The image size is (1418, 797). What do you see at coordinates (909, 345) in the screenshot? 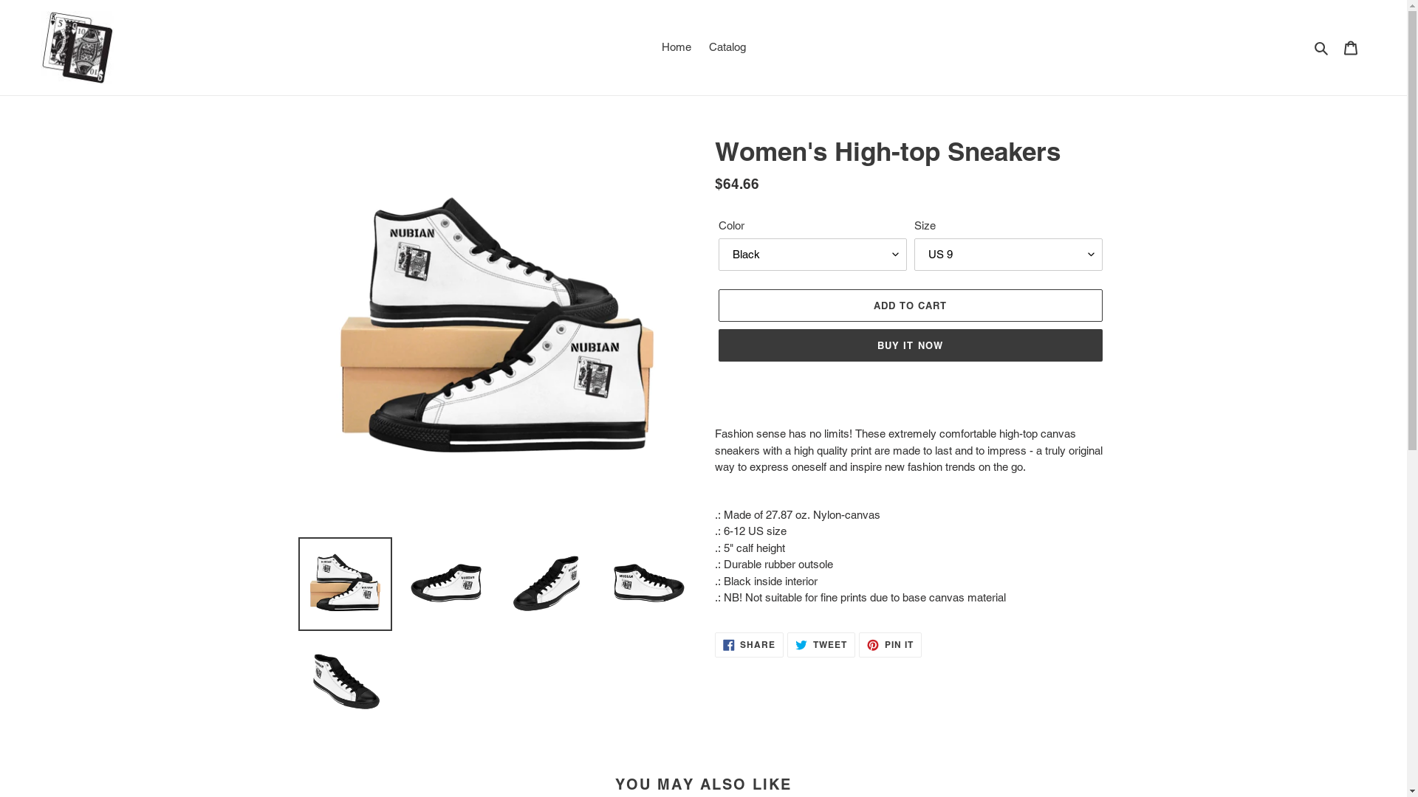
I see `'BUY IT NOW'` at bounding box center [909, 345].